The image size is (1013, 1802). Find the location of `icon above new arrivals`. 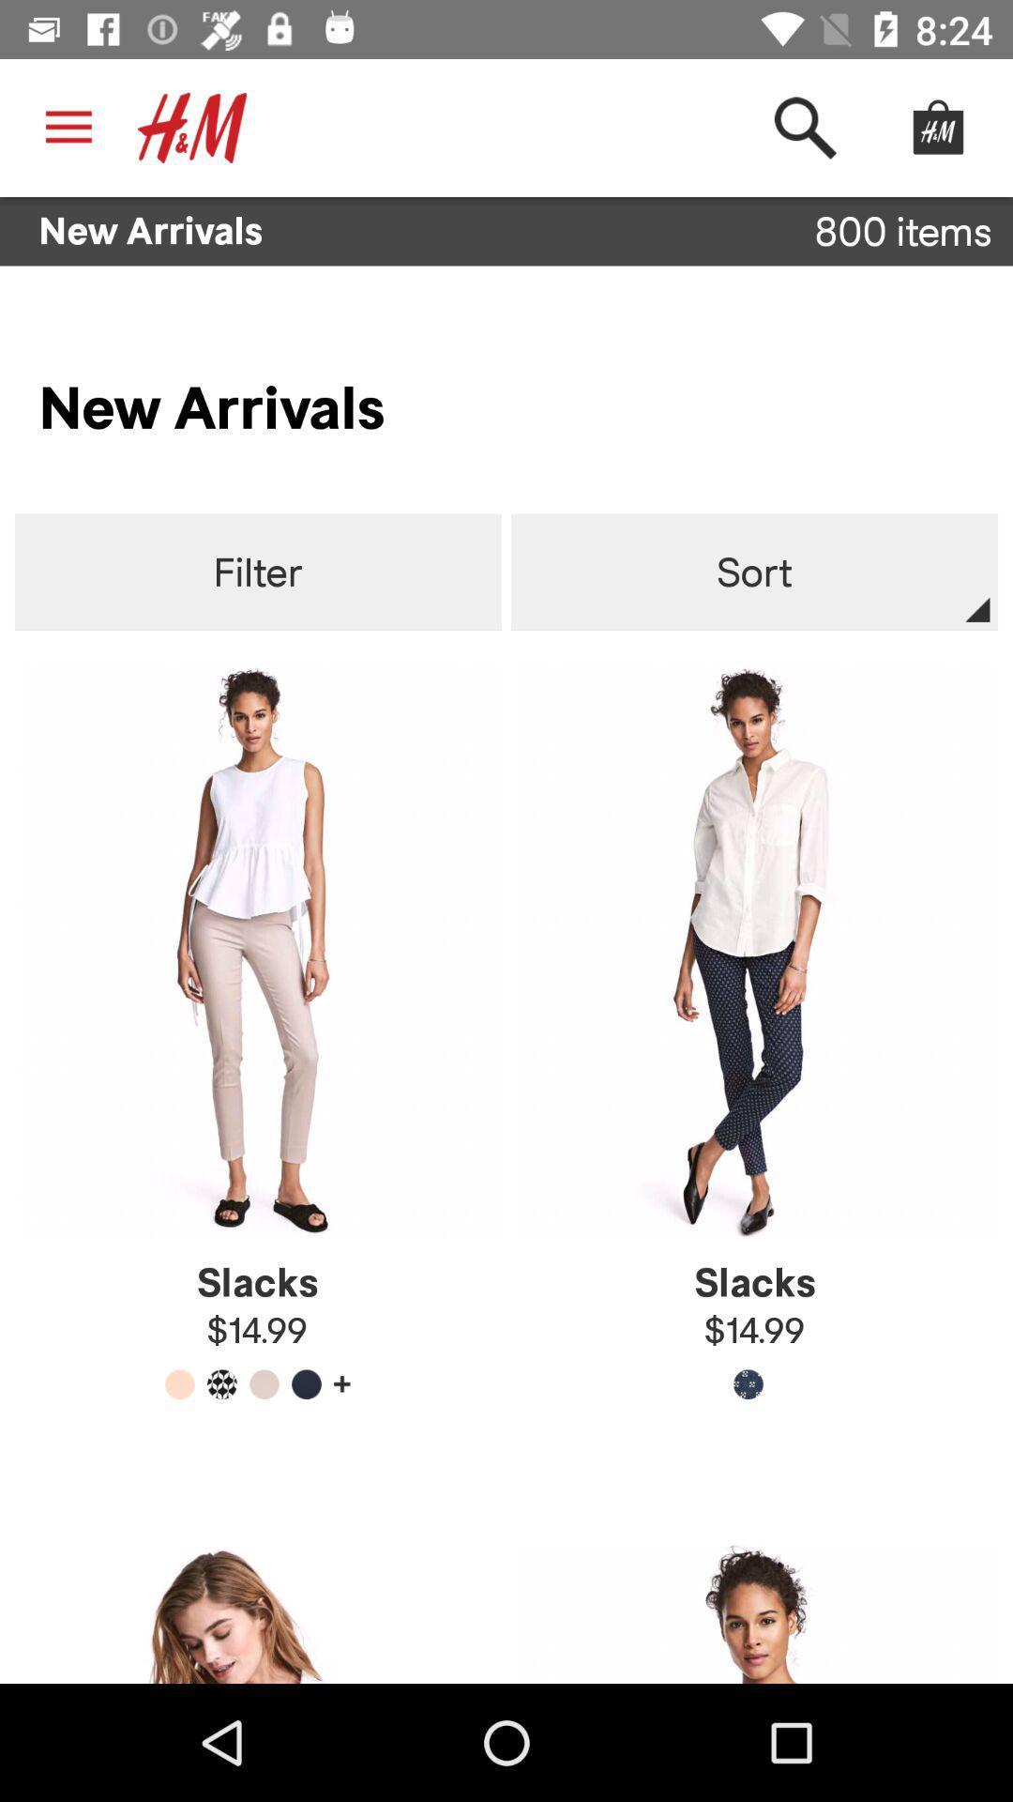

icon above new arrivals is located at coordinates (192, 127).